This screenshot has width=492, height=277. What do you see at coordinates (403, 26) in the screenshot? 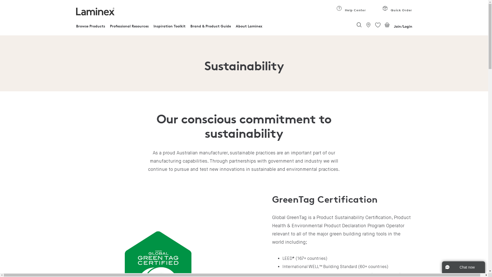
I see `'Join/Login'` at bounding box center [403, 26].